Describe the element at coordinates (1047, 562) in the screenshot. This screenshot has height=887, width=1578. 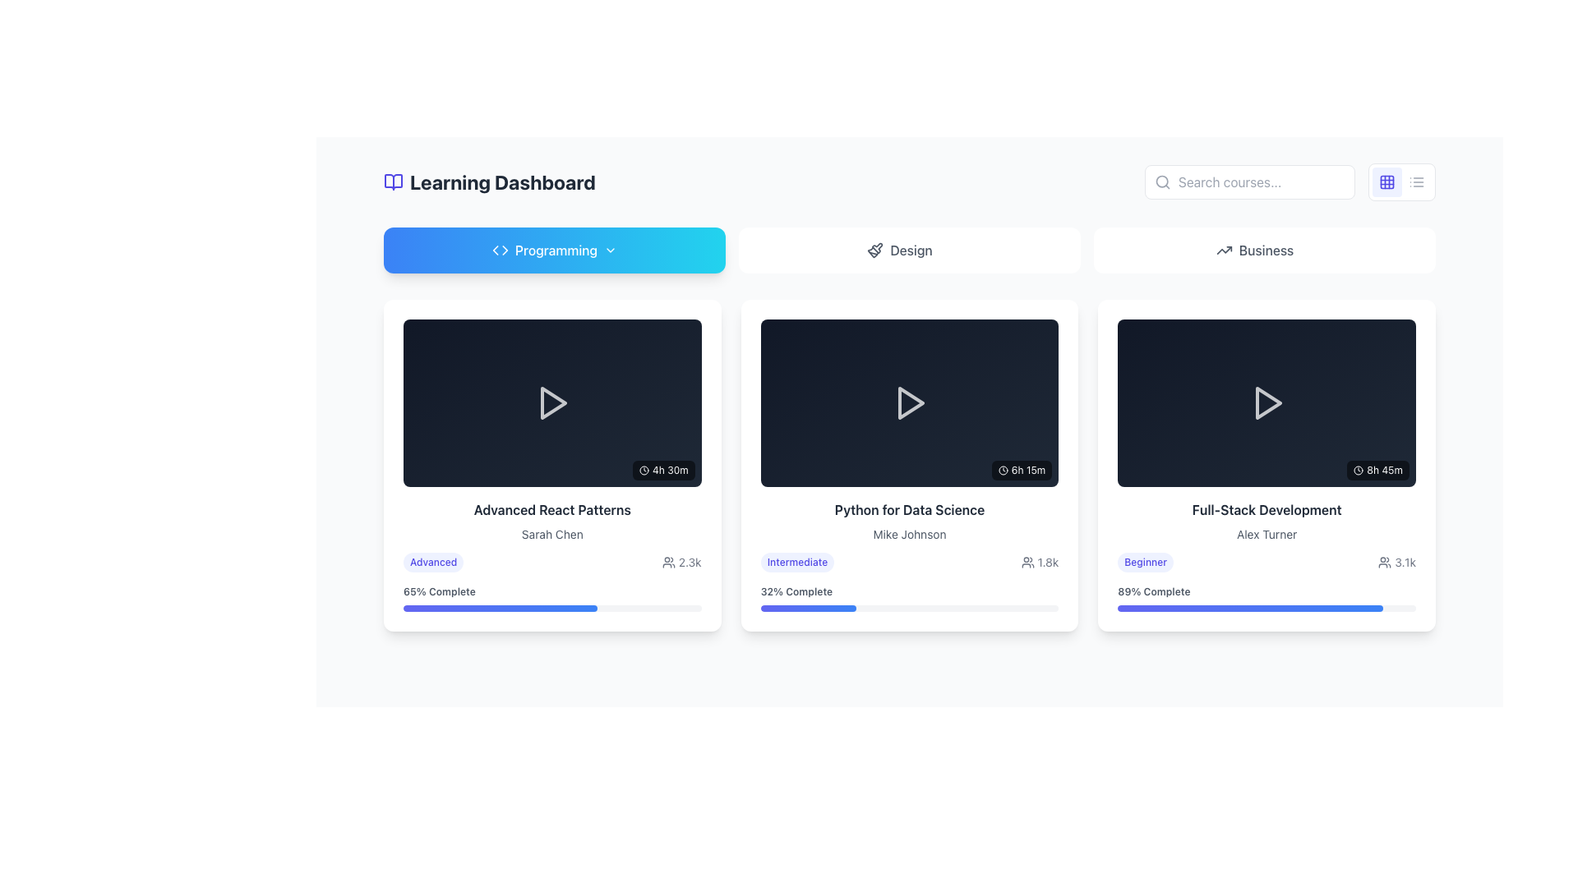
I see `displayed text '1.8k' from the text label located to the right of the user icon in the bottom-right corner of the 'Python for Data Science' card` at that location.